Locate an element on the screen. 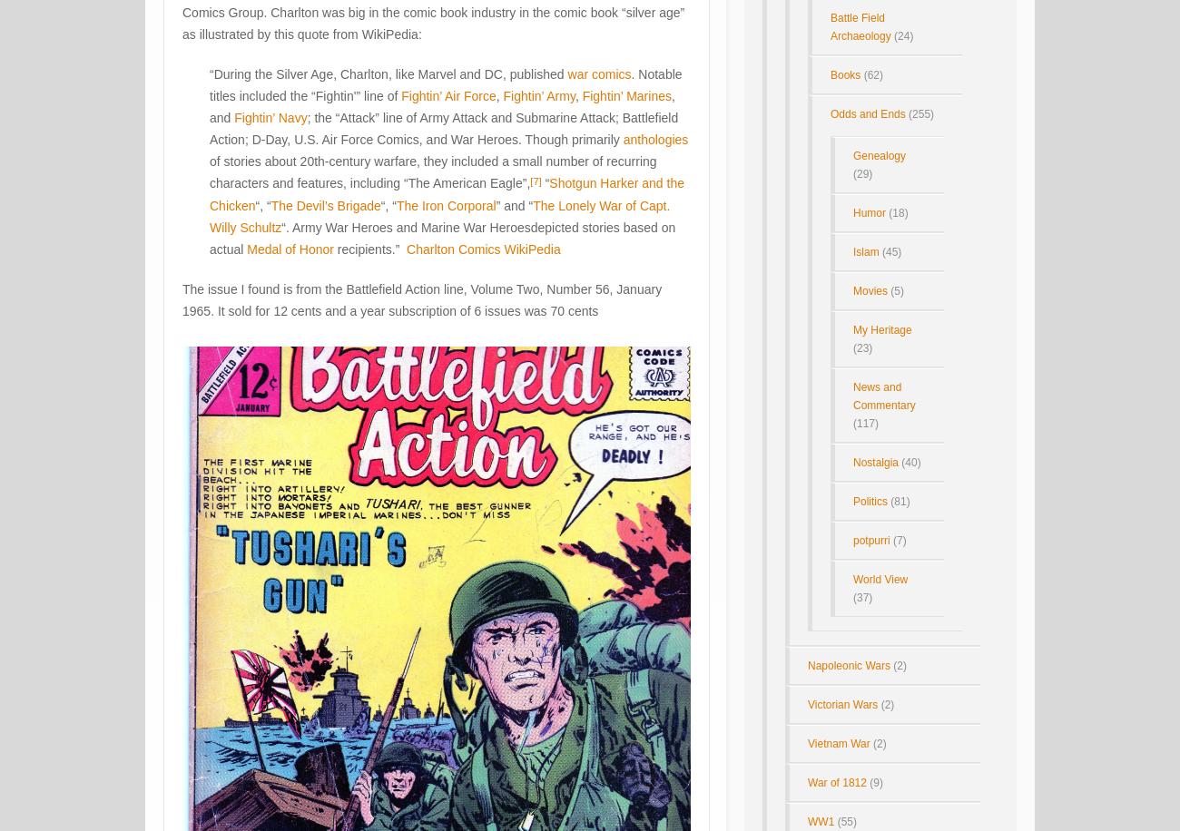 The height and width of the screenshot is (831, 1180). 'Odds and Ends' is located at coordinates (868, 114).